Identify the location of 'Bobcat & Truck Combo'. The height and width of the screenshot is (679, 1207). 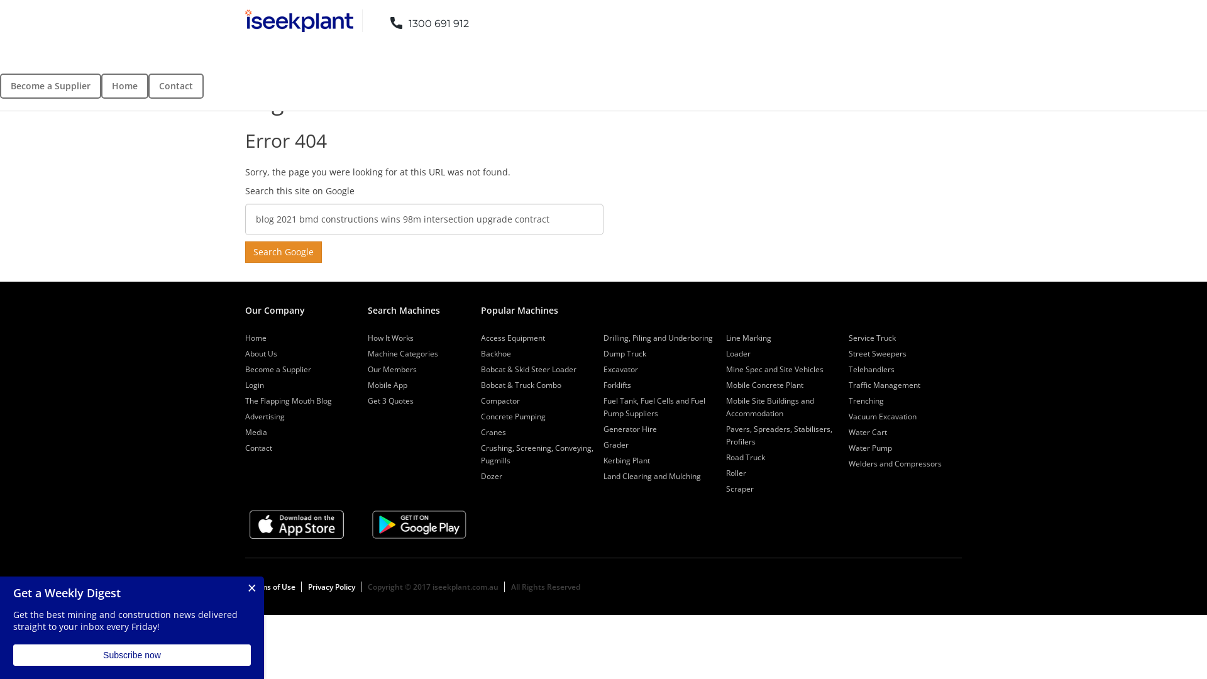
(521, 384).